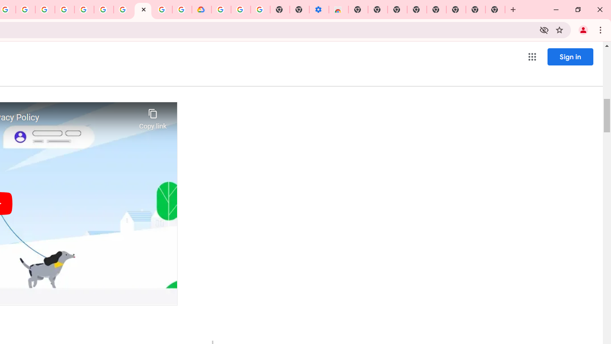  Describe the element at coordinates (153, 116) in the screenshot. I see `'Copy link'` at that location.